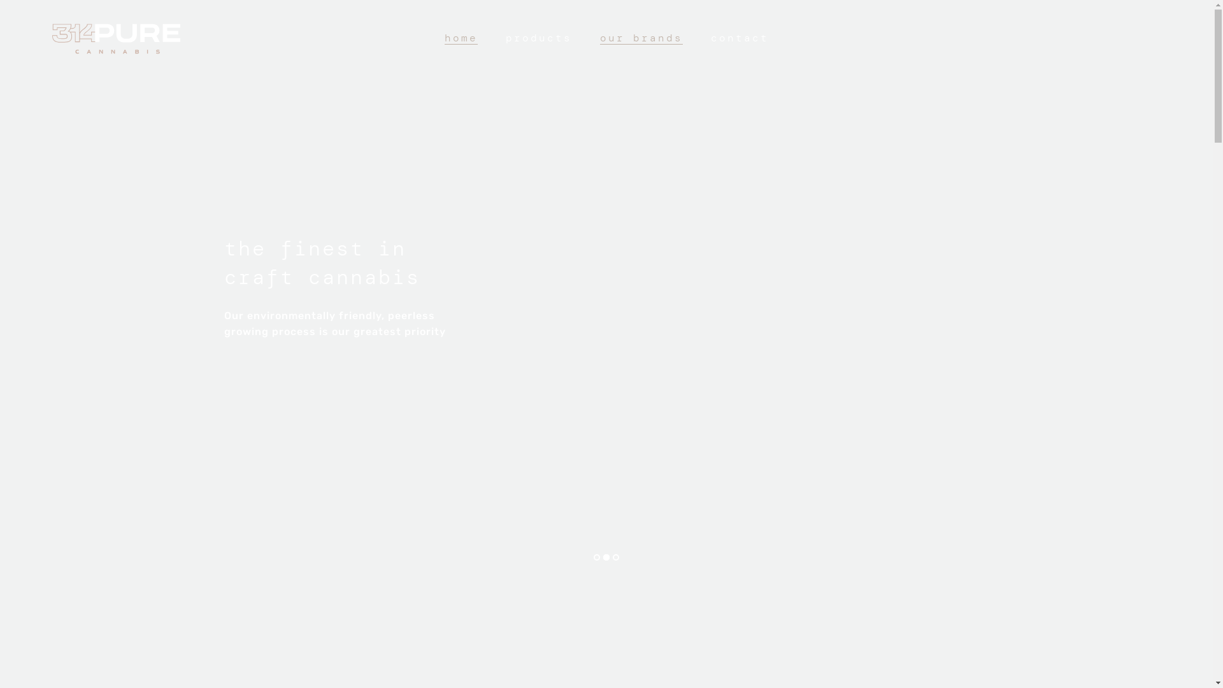  What do you see at coordinates (461, 38) in the screenshot?
I see `'home'` at bounding box center [461, 38].